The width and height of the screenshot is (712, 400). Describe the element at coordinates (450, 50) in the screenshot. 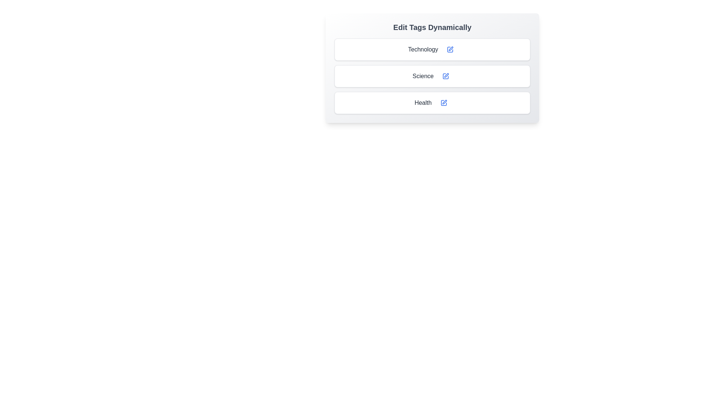

I see `save icon of the currently edited tag to cancel editing without making changes` at that location.